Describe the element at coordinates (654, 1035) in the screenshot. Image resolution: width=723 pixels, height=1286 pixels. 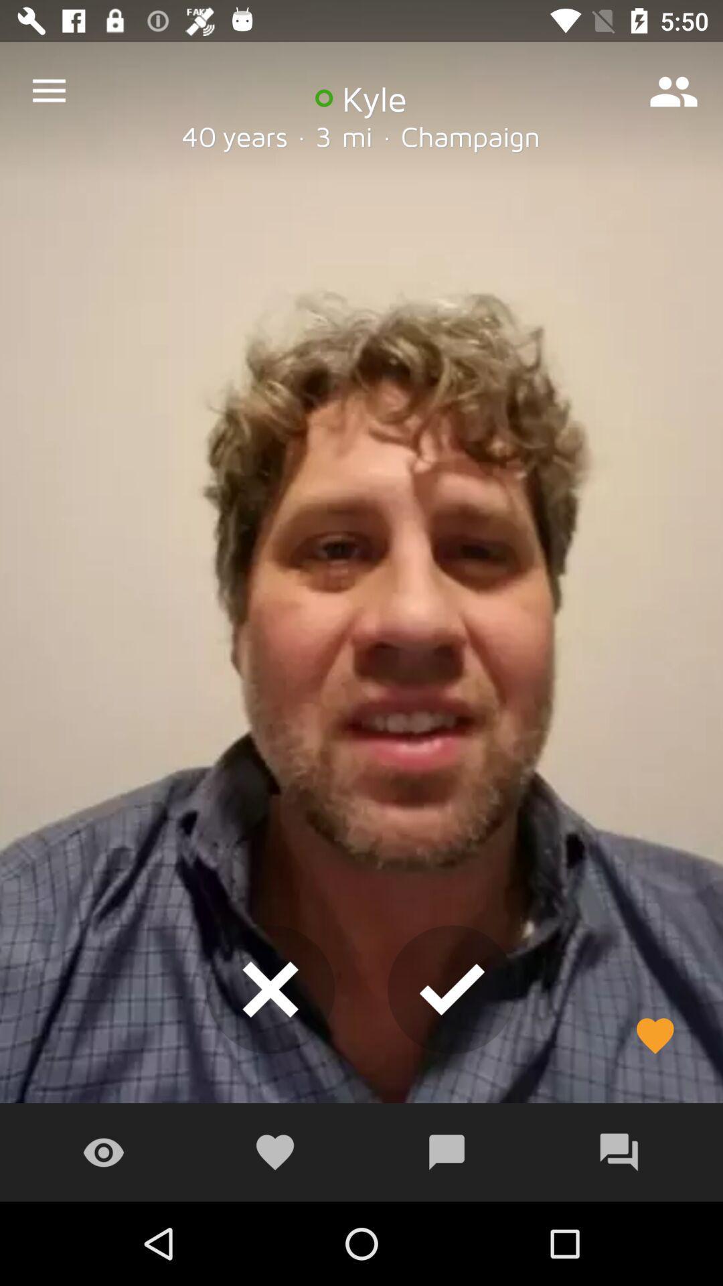
I see `the favorite icon` at that location.